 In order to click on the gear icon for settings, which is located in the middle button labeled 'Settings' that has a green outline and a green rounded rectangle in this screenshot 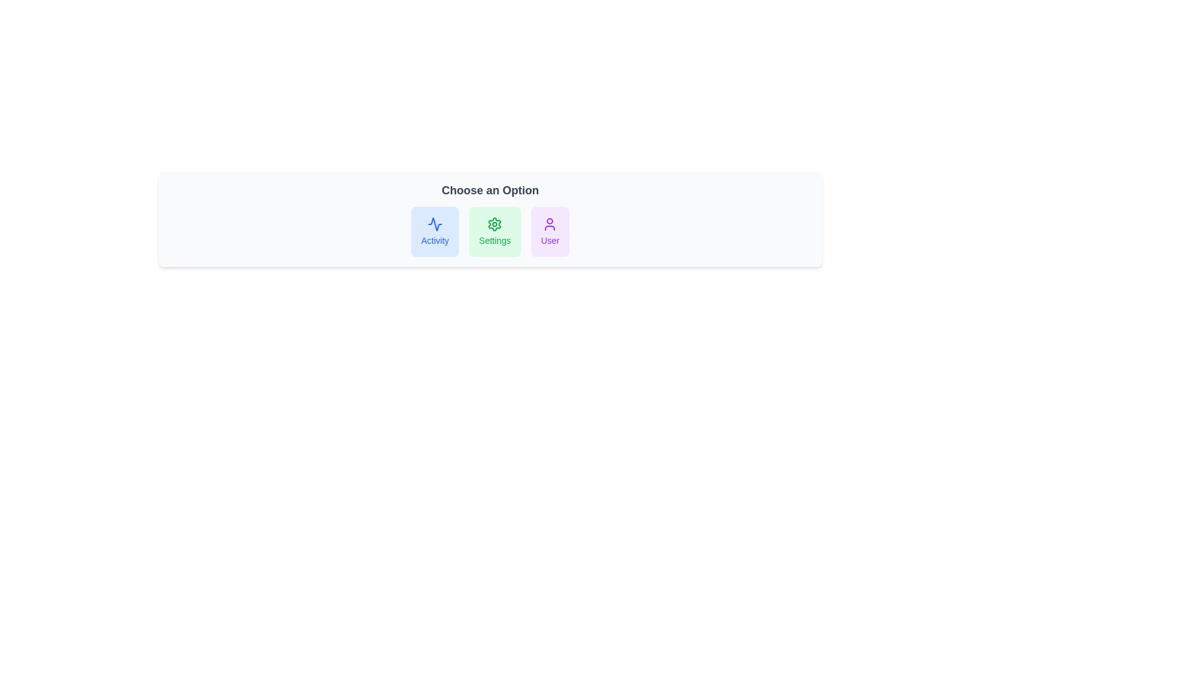, I will do `click(494, 224)`.